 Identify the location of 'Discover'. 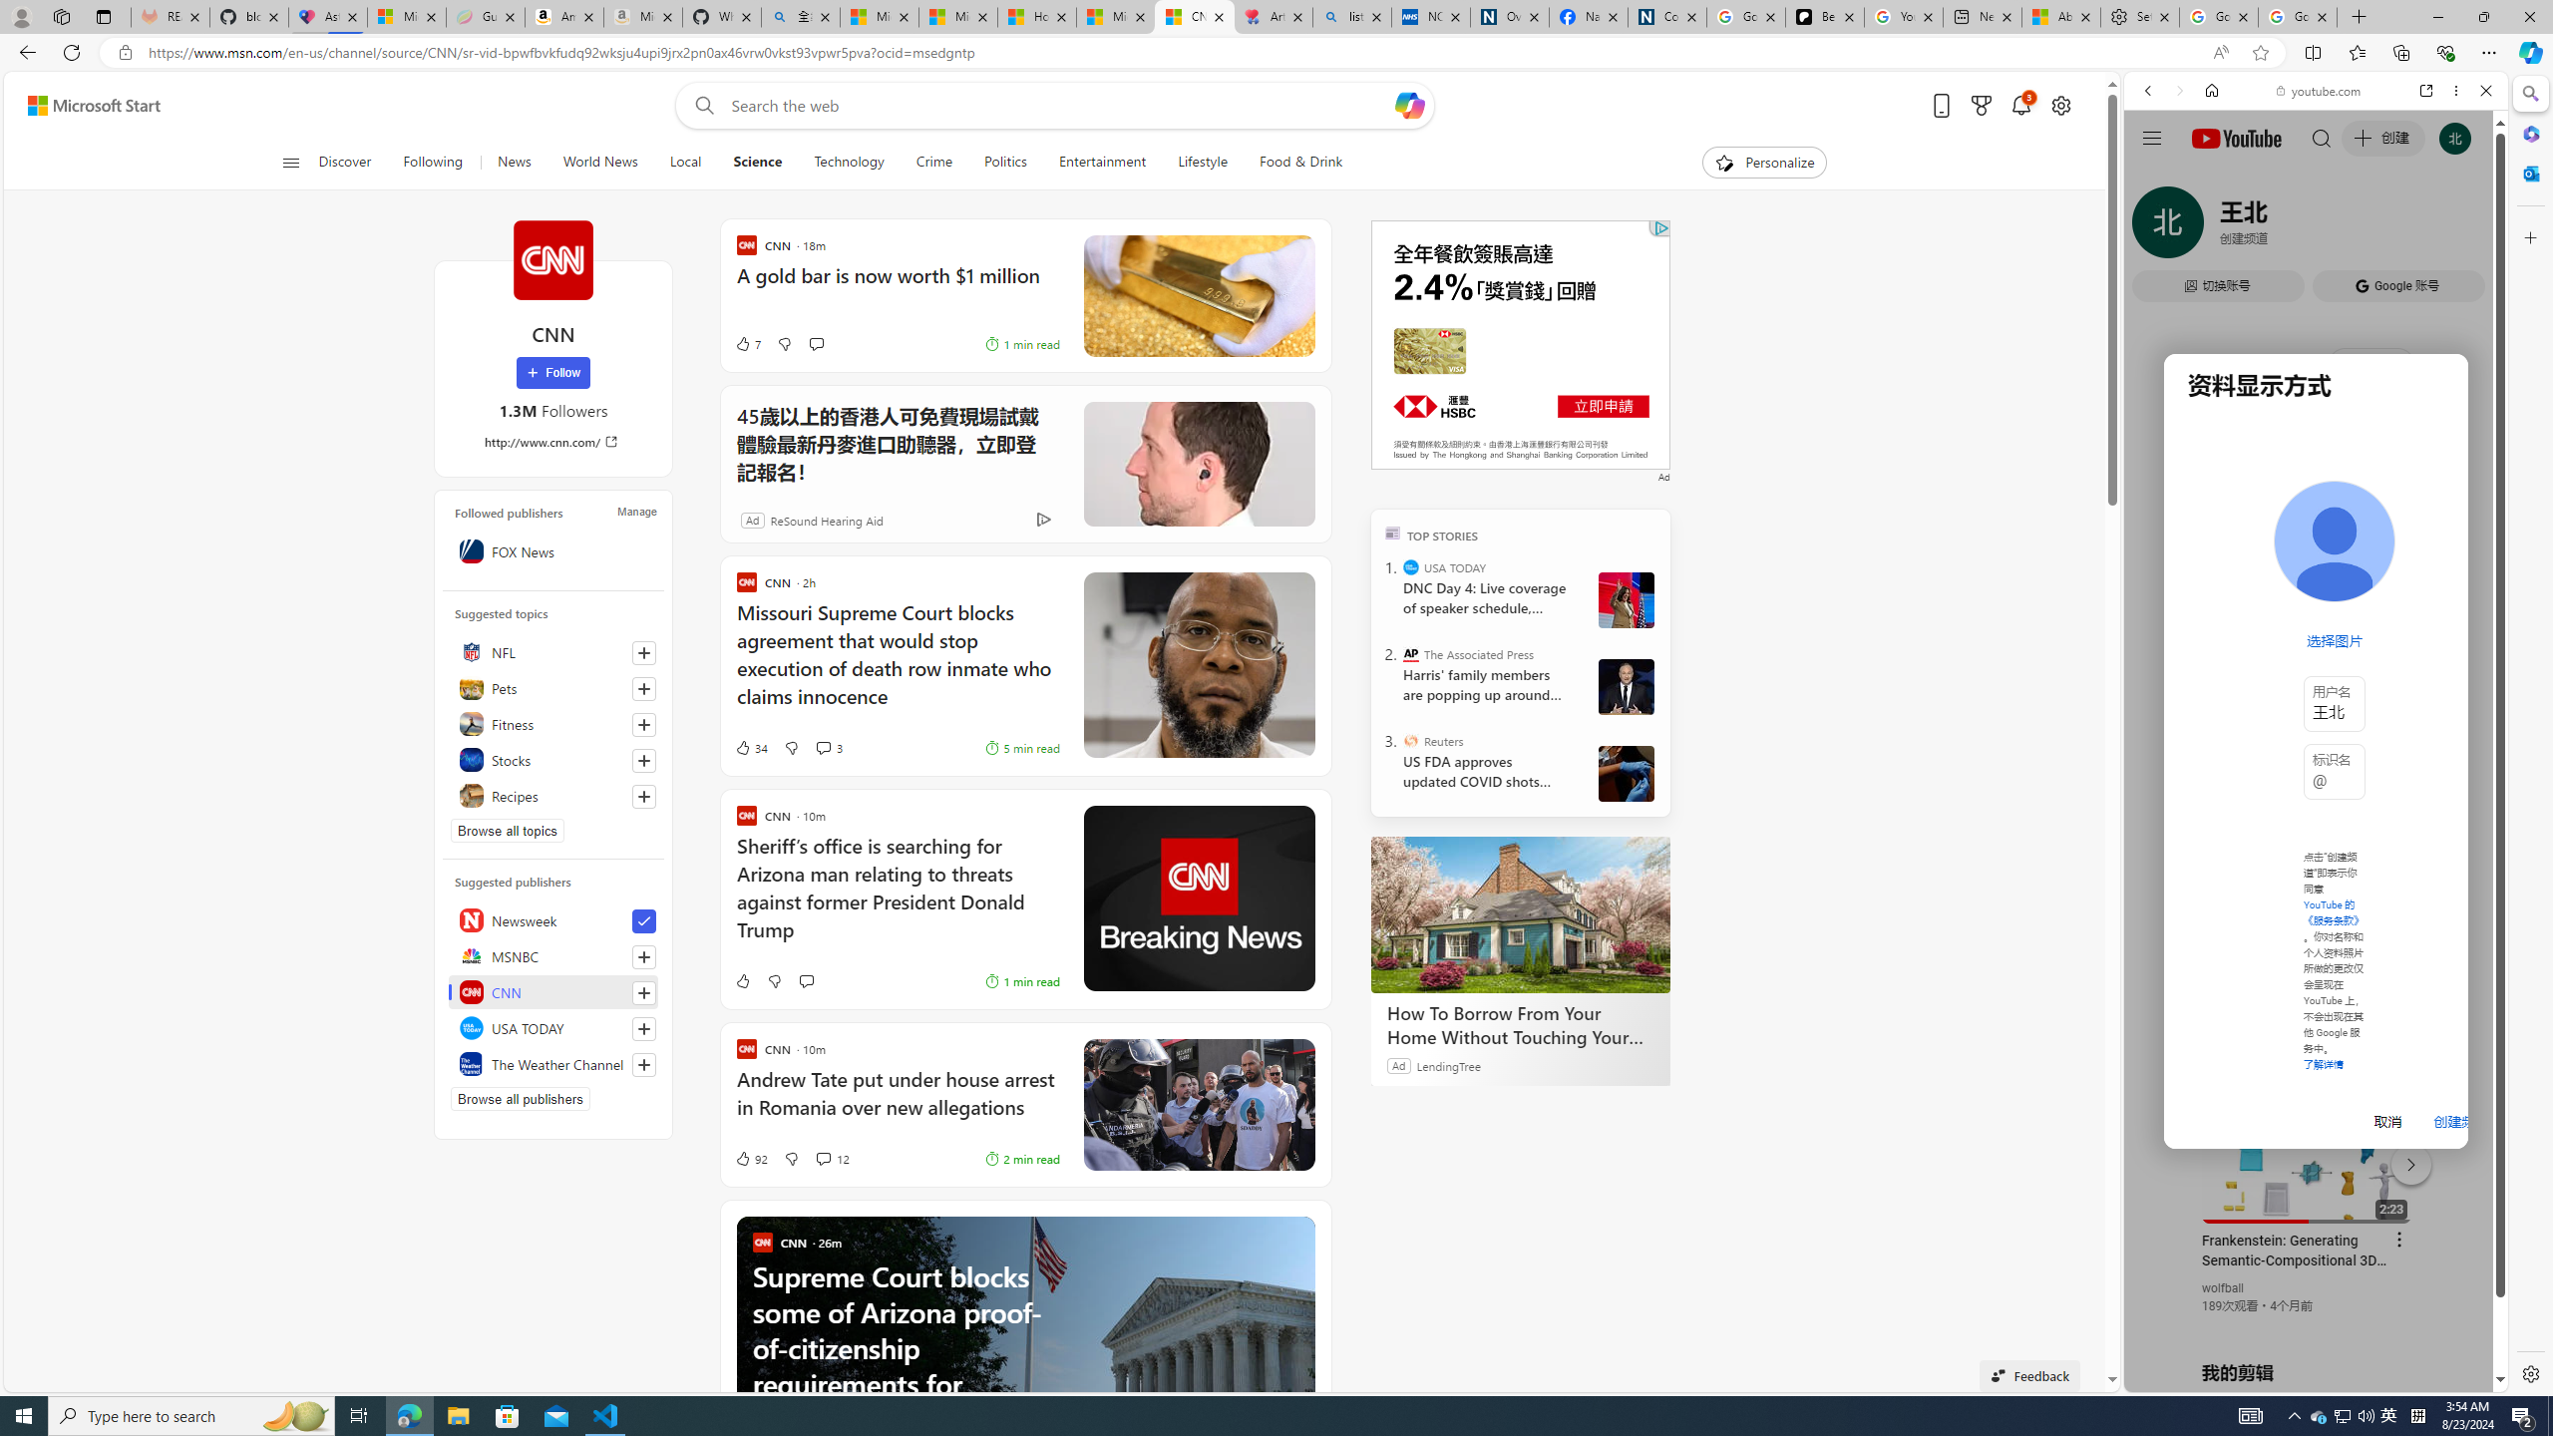
(353, 162).